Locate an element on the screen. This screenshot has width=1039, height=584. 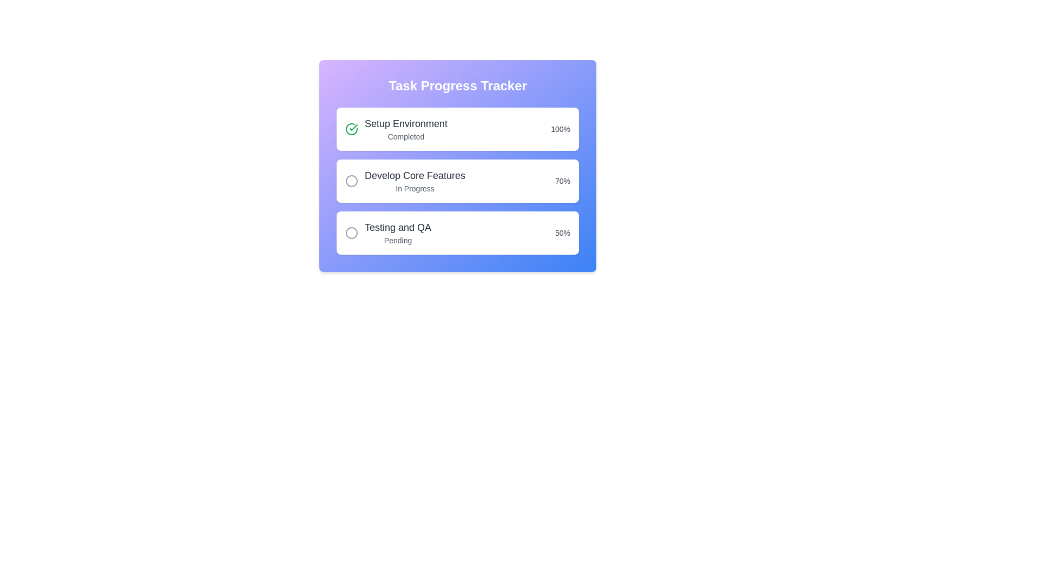
progress percentage displayed on the text label indicating that the task 'Develop Core Features' is 70% complete, located in the right portion of the card for this task is located at coordinates (563, 181).